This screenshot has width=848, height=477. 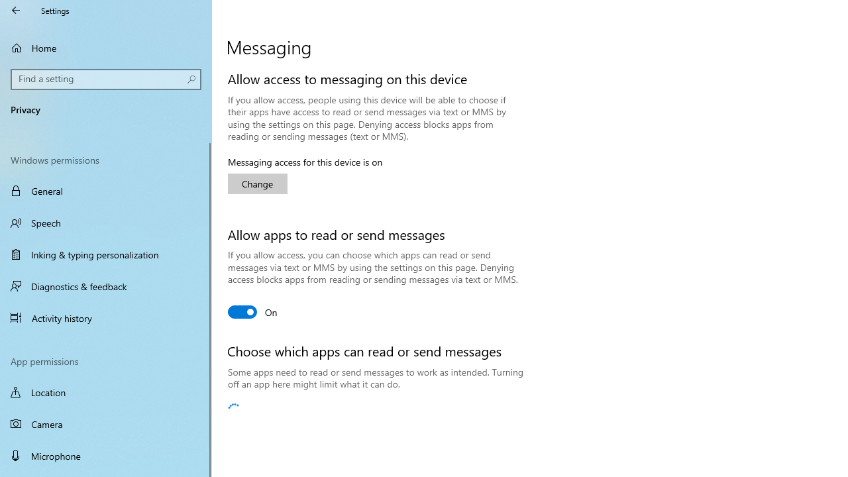 What do you see at coordinates (106, 254) in the screenshot?
I see `'Inking & typing personalization'` at bounding box center [106, 254].